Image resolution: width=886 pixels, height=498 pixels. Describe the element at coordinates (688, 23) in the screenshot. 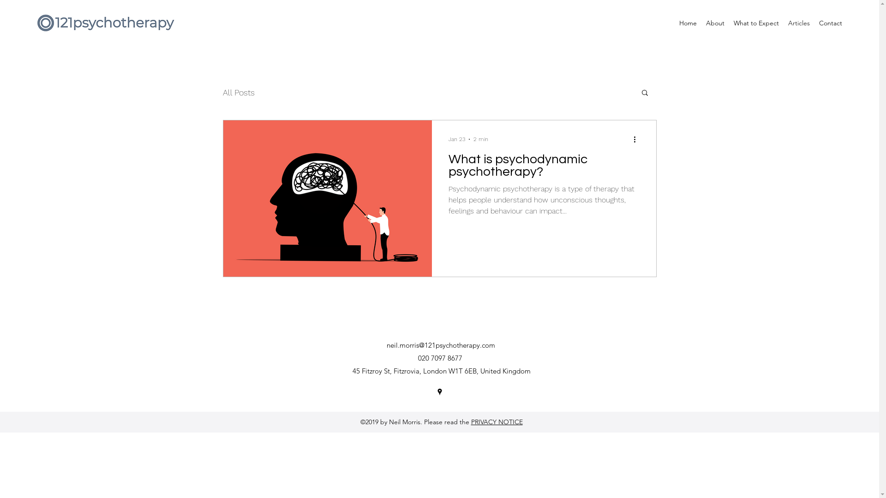

I see `'Home'` at that location.